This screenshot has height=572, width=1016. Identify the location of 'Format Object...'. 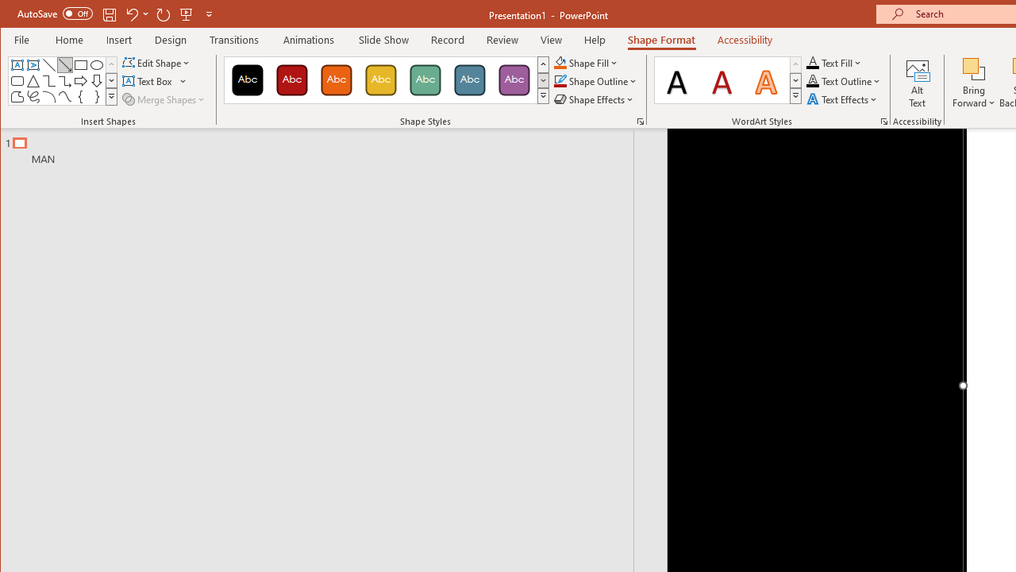
(641, 121).